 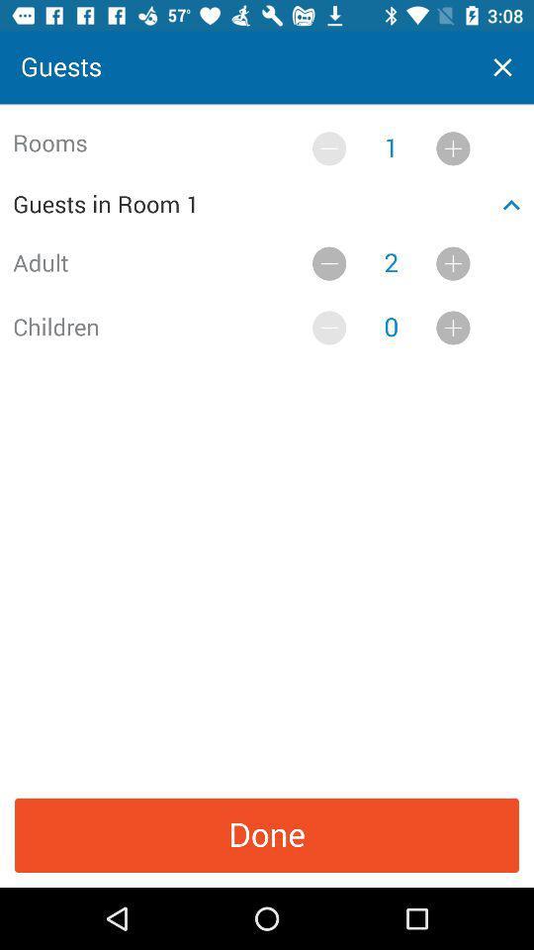 What do you see at coordinates (502, 67) in the screenshot?
I see `out screen` at bounding box center [502, 67].